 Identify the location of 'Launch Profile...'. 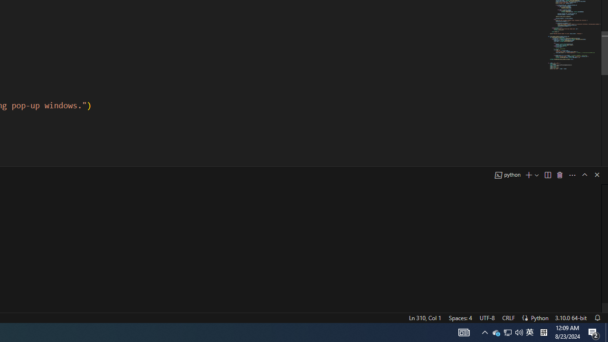
(537, 175).